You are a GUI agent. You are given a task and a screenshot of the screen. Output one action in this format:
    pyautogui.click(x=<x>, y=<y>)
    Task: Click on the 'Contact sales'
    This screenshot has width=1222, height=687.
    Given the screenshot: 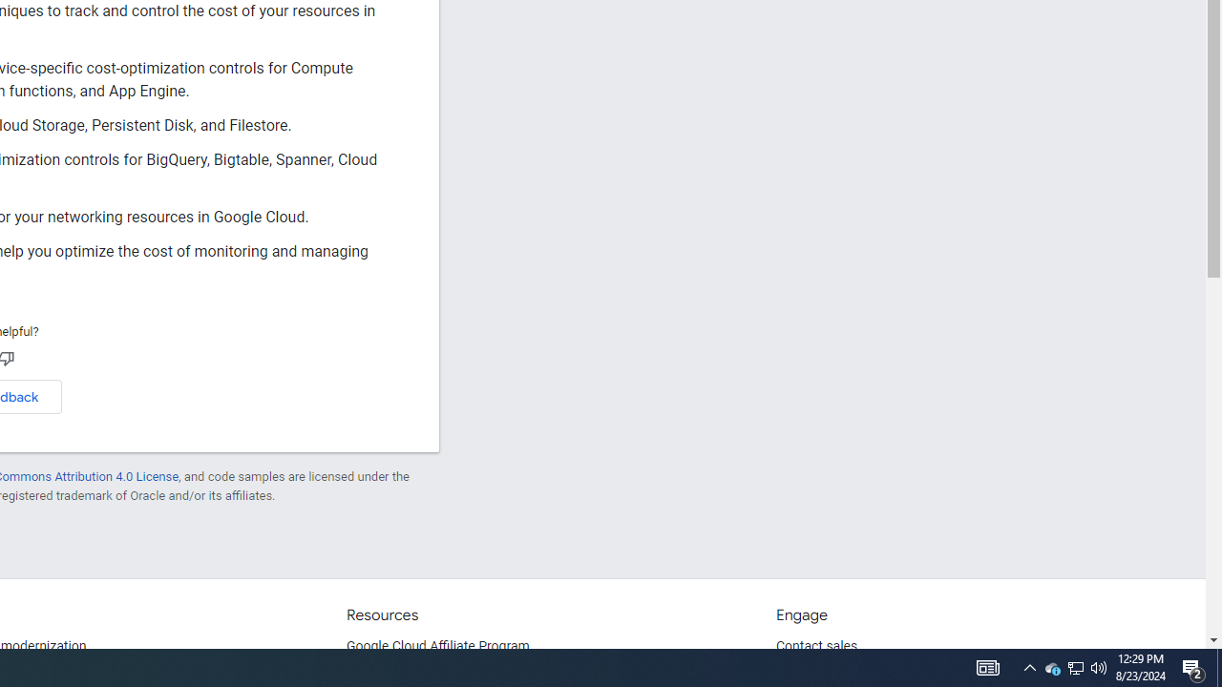 What is the action you would take?
    pyautogui.click(x=816, y=645)
    